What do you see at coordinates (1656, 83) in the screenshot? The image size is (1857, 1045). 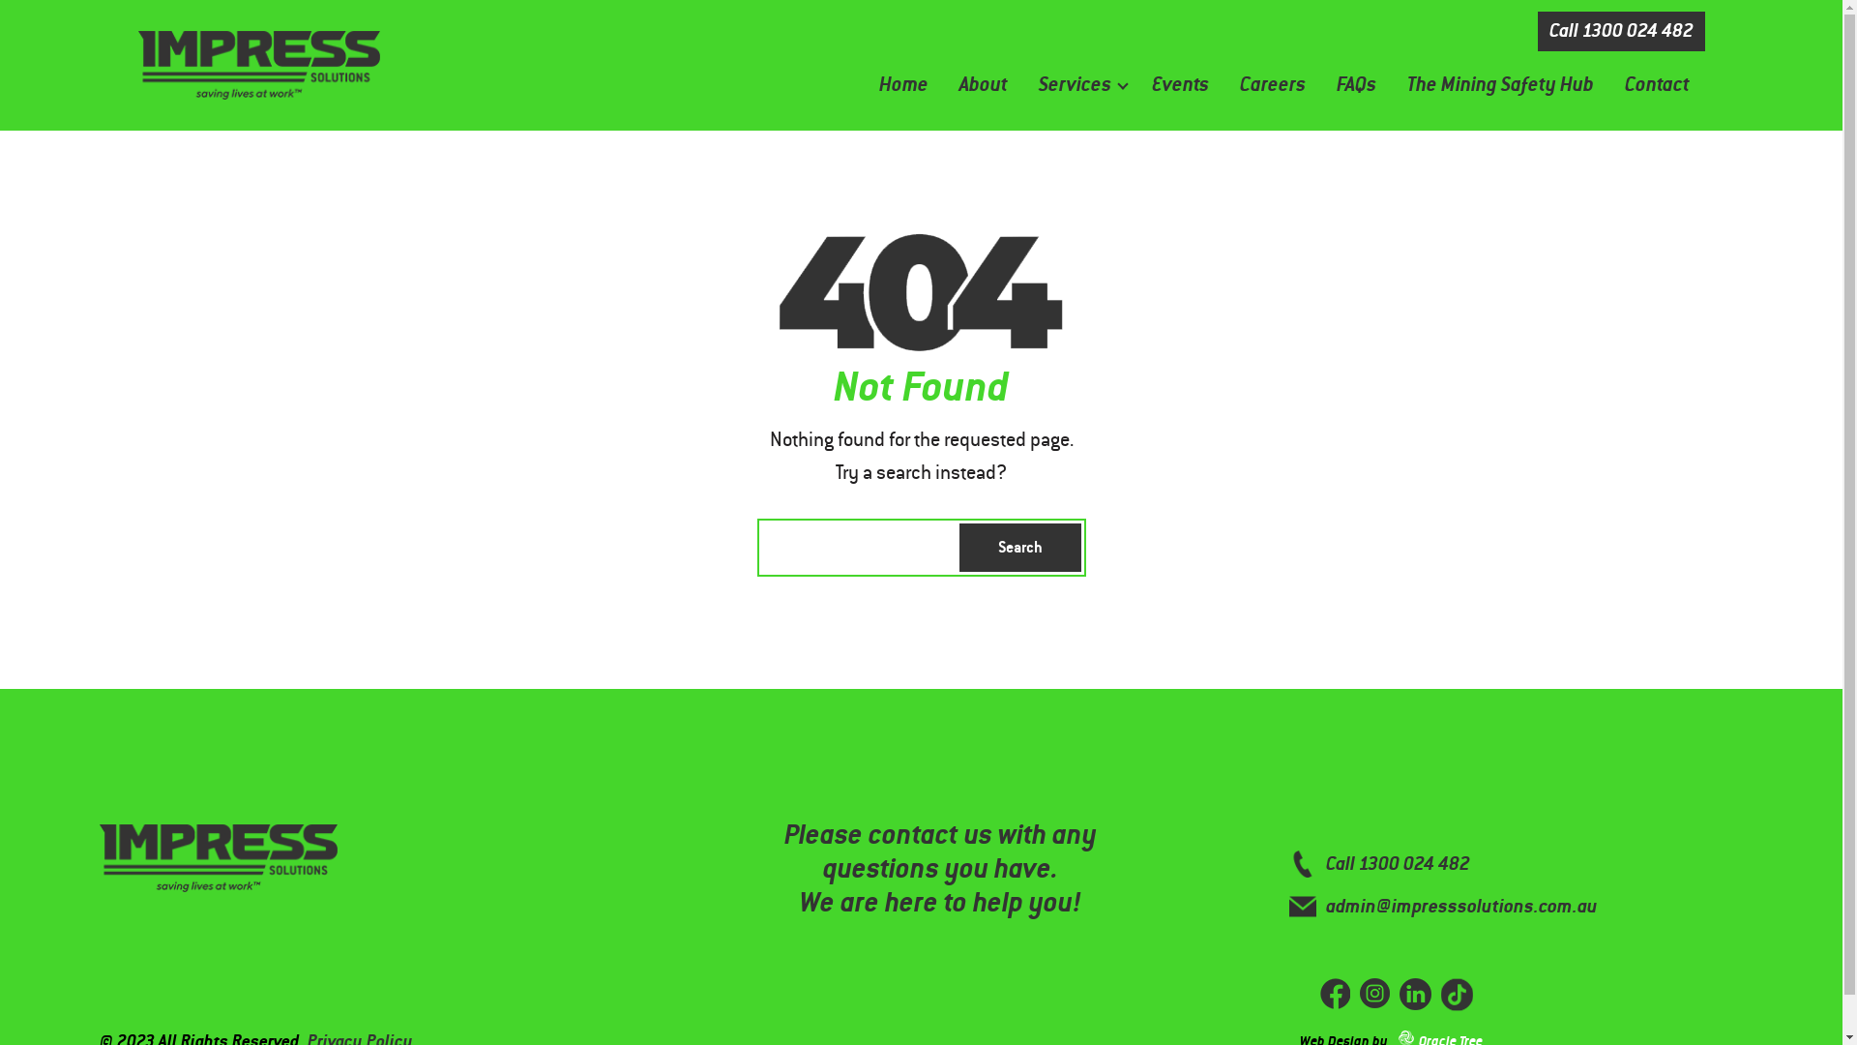 I see `'Contact'` at bounding box center [1656, 83].